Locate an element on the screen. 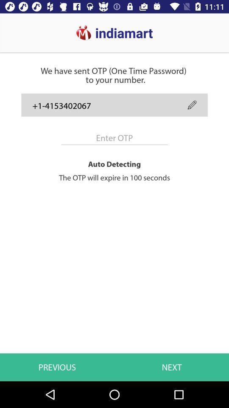 The height and width of the screenshot is (408, 229). one time password is located at coordinates (114, 138).